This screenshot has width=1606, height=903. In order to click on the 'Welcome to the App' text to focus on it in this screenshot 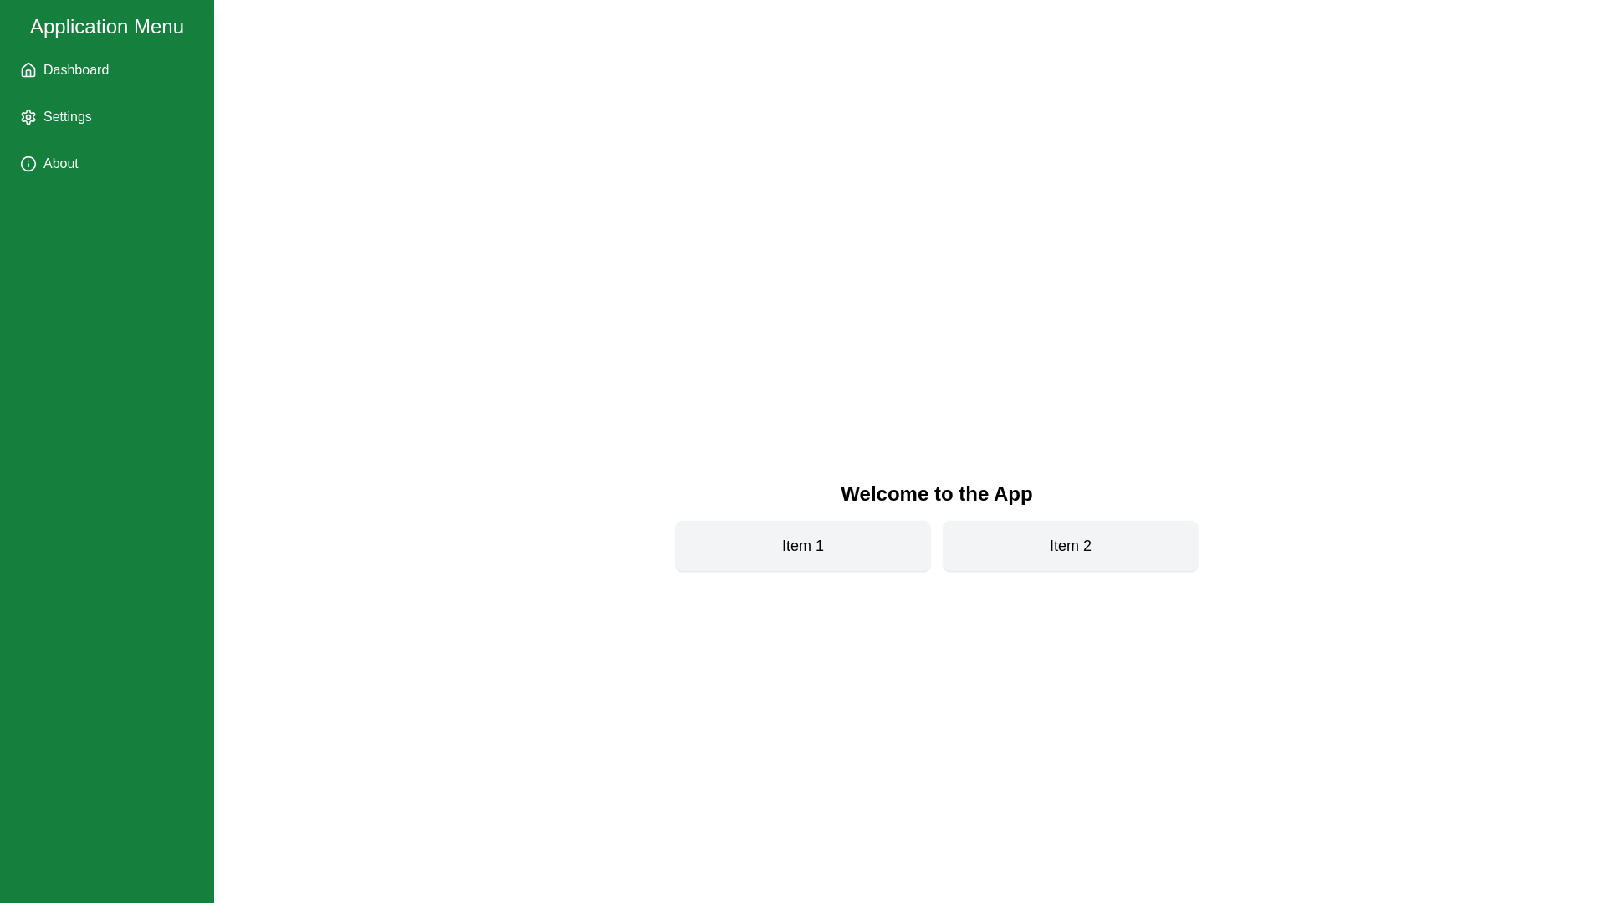, I will do `click(935, 492)`.